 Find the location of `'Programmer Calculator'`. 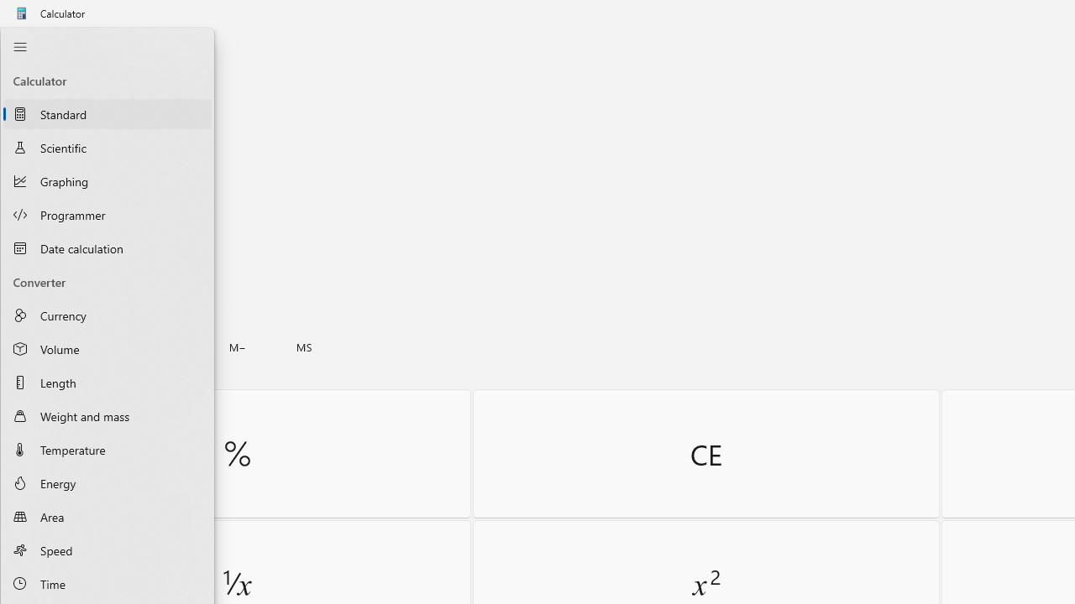

'Programmer Calculator' is located at coordinates (107, 214).